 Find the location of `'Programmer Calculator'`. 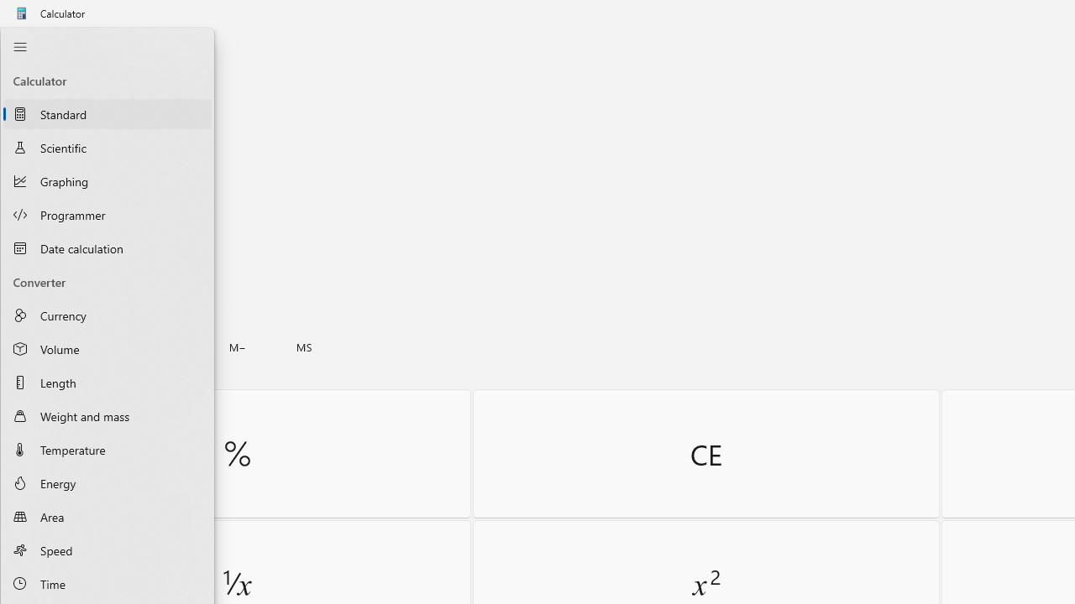

'Programmer Calculator' is located at coordinates (107, 214).